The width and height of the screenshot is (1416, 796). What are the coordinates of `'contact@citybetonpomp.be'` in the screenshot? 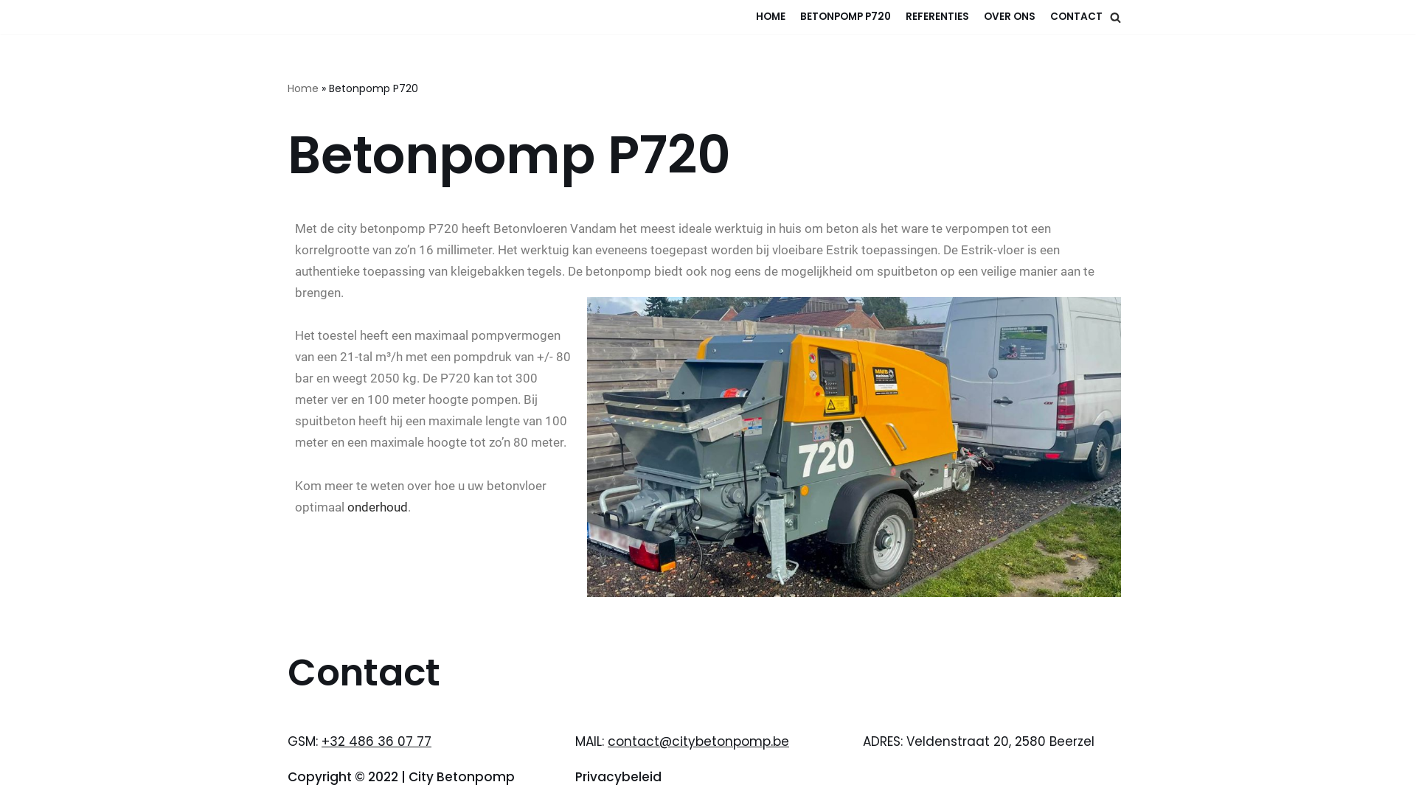 It's located at (608, 741).